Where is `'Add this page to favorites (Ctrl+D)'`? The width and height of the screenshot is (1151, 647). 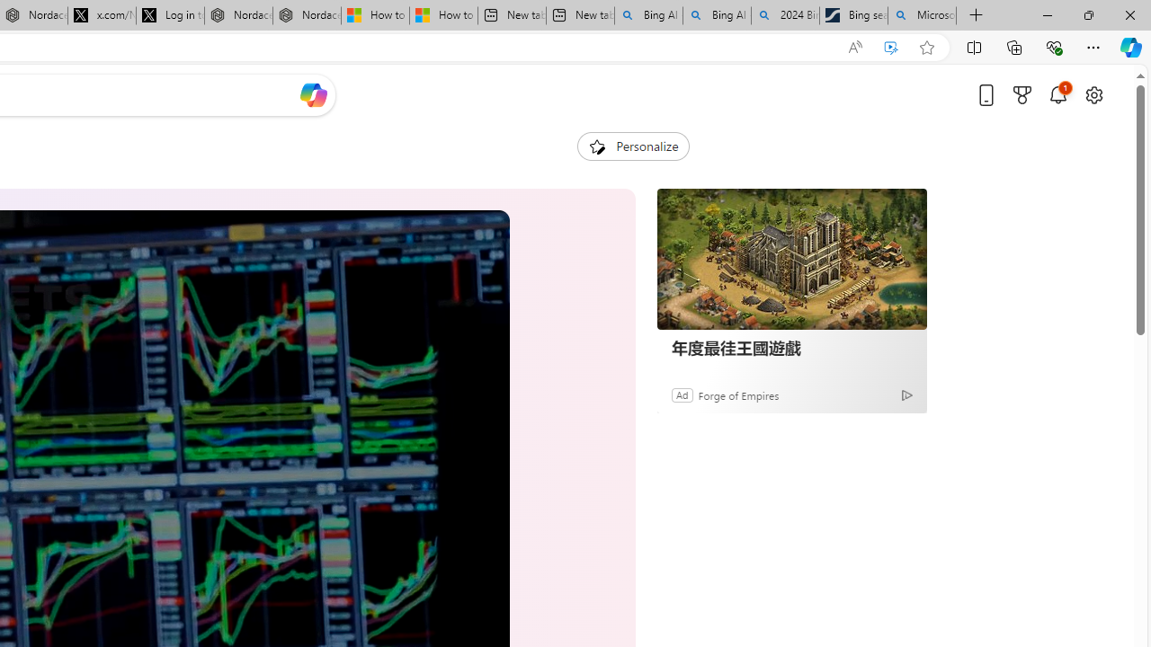 'Add this page to favorites (Ctrl+D)' is located at coordinates (927, 47).